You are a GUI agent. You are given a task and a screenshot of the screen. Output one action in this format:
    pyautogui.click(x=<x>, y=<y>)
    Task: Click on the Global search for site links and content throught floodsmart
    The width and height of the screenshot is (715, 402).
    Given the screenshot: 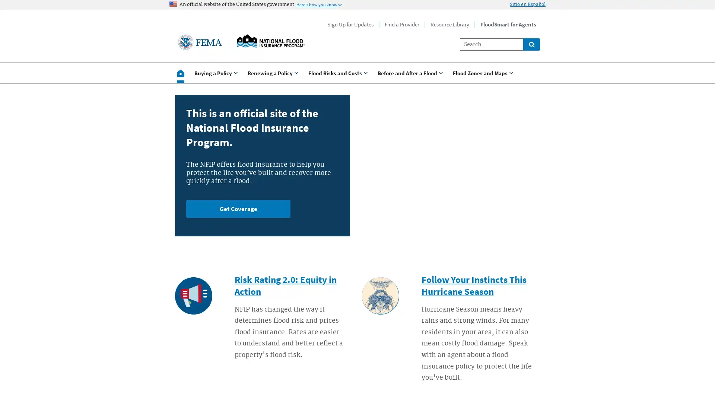 What is the action you would take?
    pyautogui.click(x=531, y=44)
    